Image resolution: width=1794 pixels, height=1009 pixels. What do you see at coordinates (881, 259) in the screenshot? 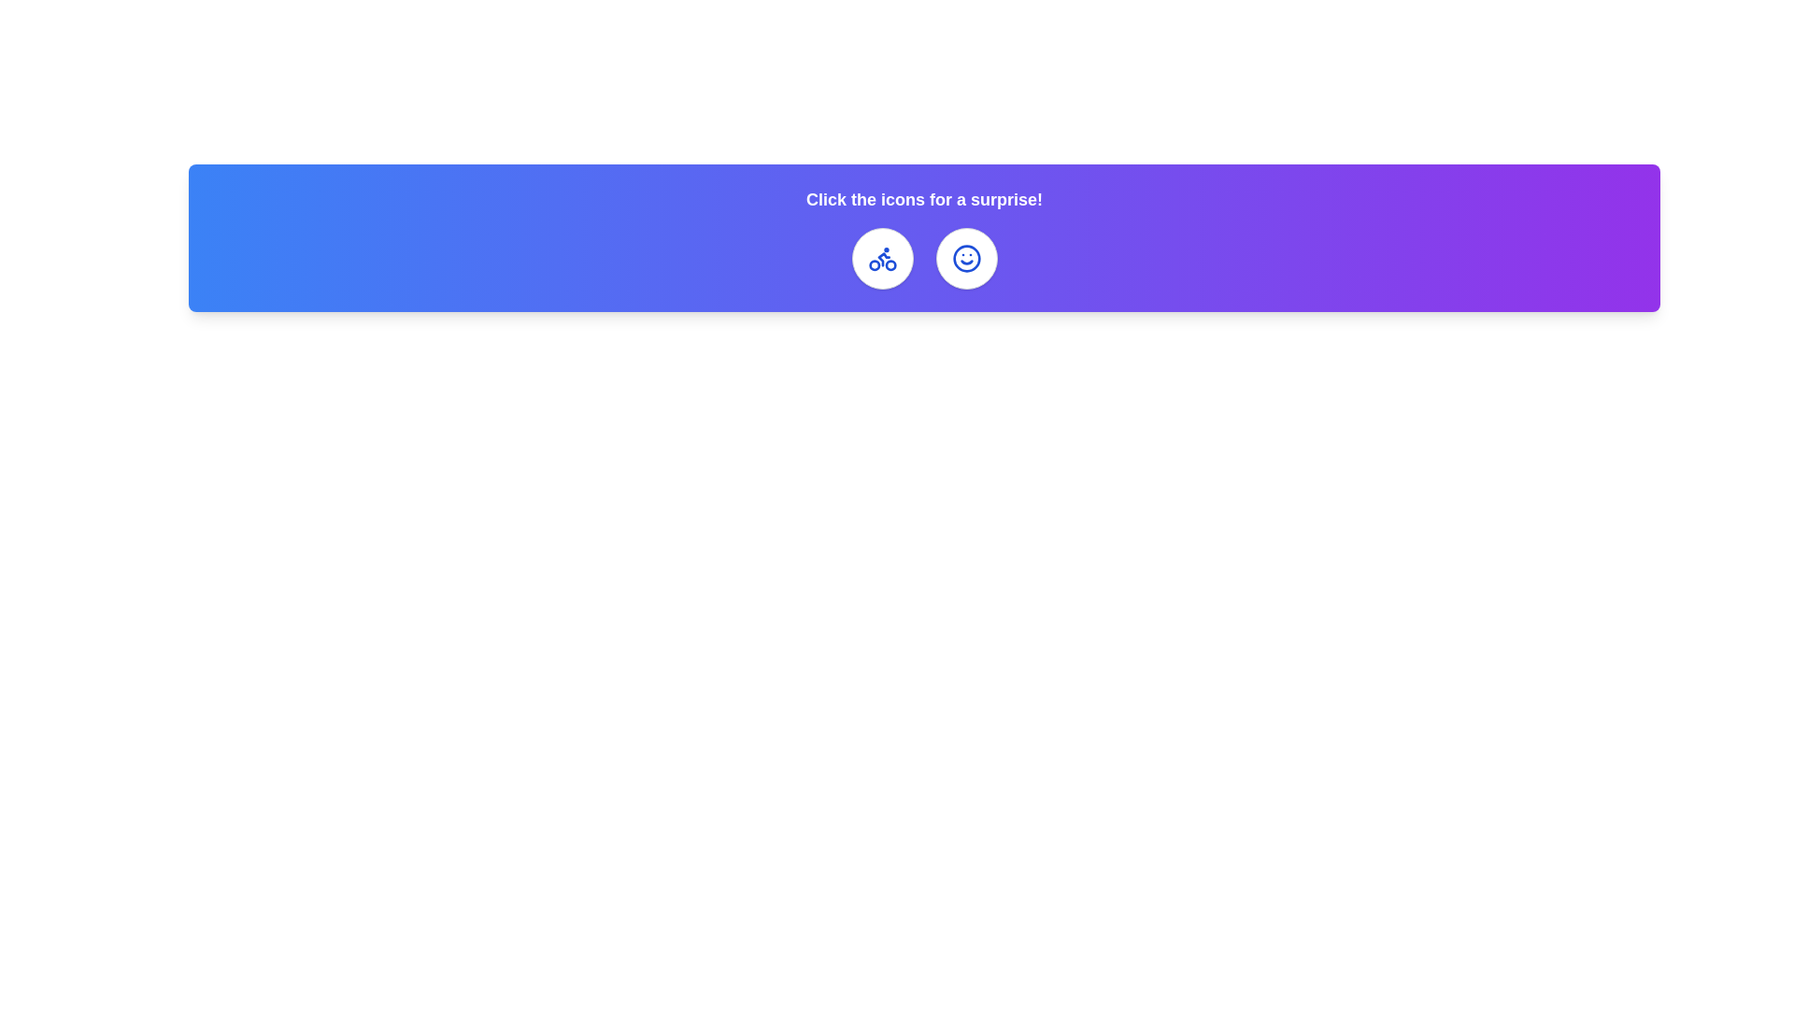
I see `the bicycle icon, which is a stylized blue icon inside a circular white button that is the first in a horizontal alignment of two icons within a gradient bar` at bounding box center [881, 259].